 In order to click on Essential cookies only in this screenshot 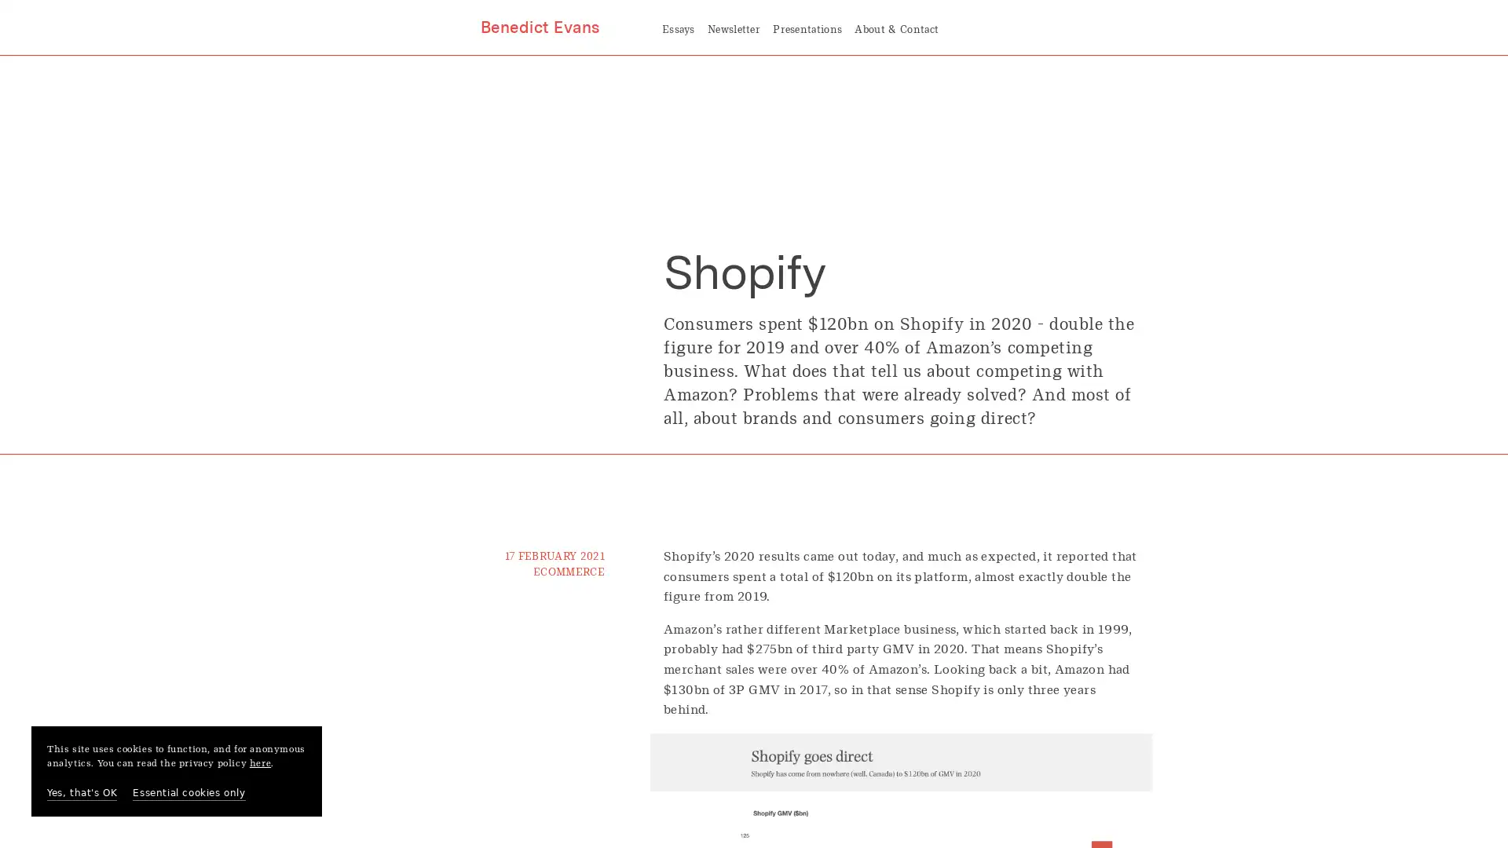, I will do `click(188, 793)`.